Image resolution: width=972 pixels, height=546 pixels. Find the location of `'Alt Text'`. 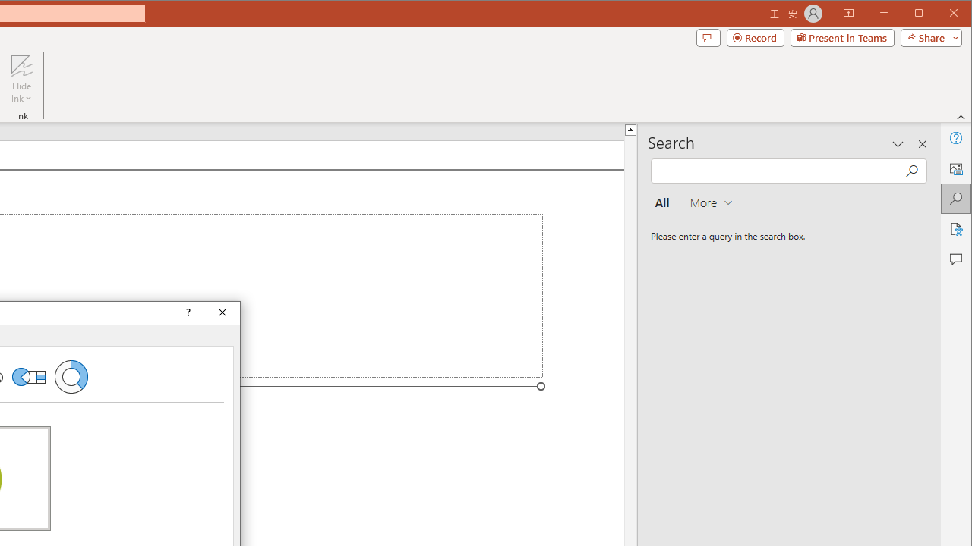

'Alt Text' is located at coordinates (955, 168).